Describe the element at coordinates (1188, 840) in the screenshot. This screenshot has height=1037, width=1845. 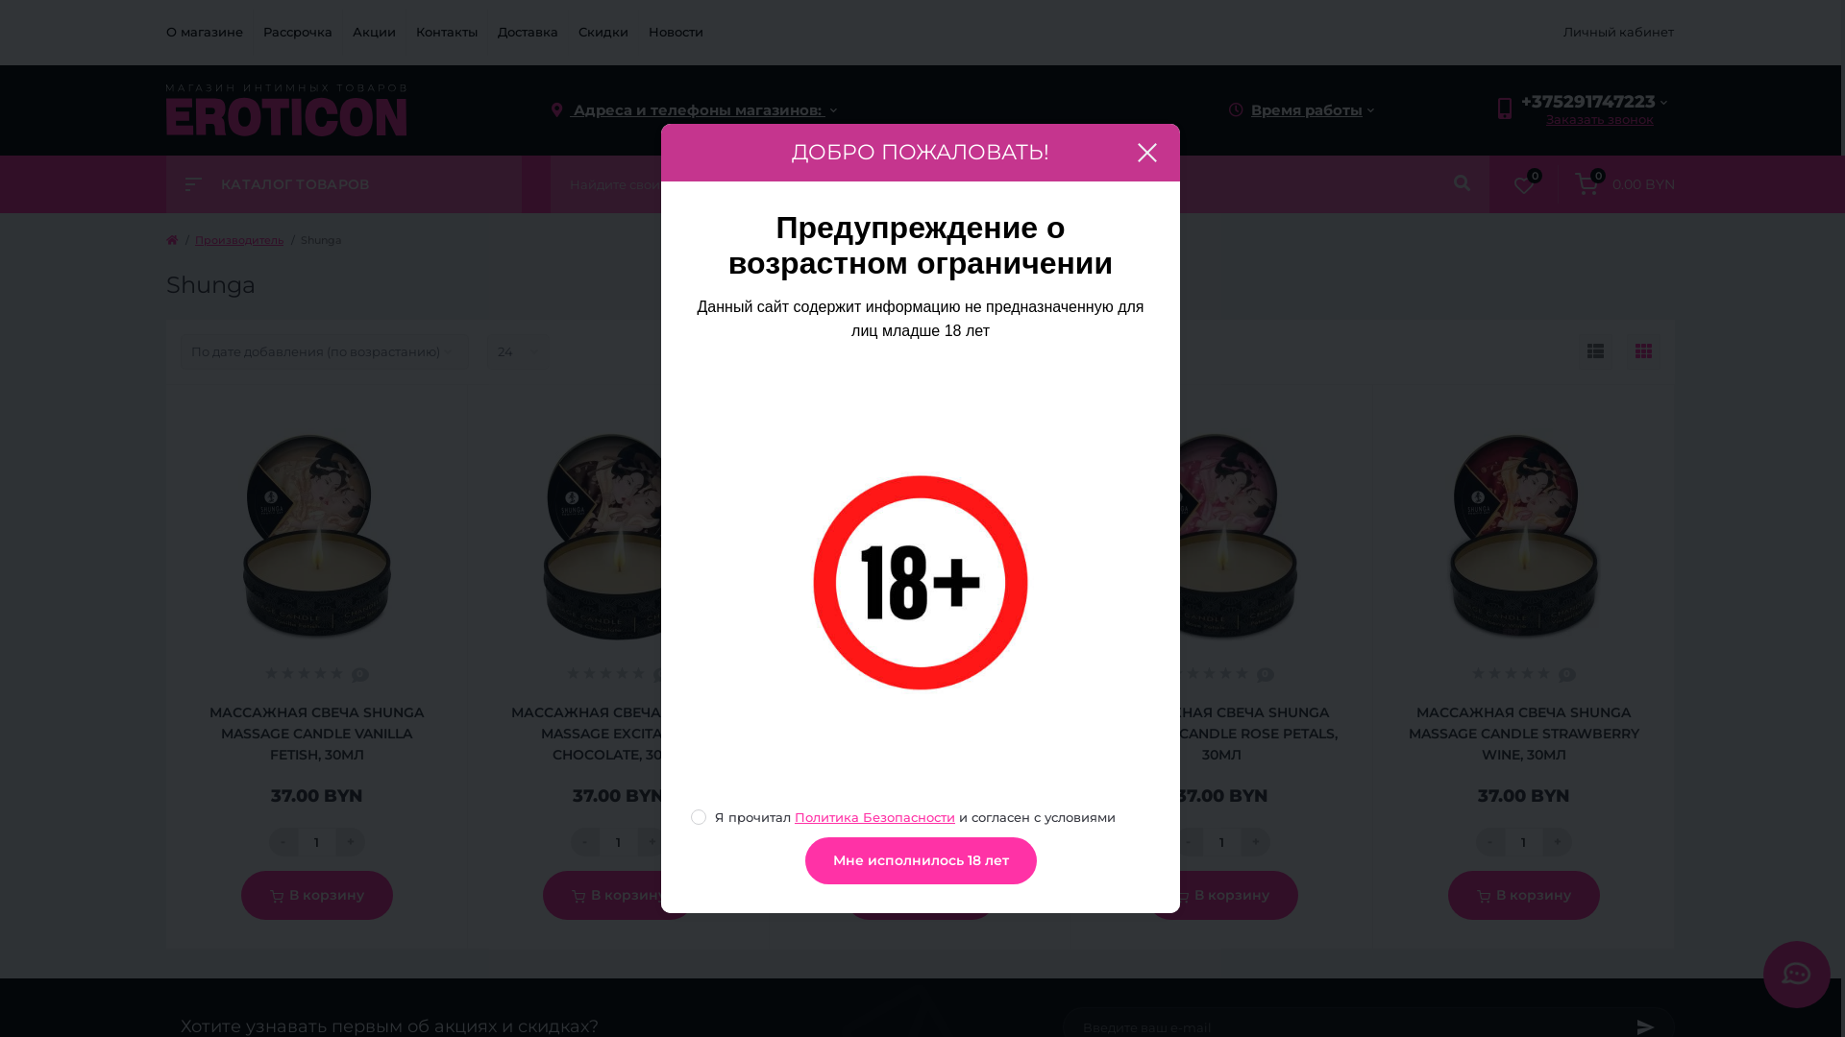
I see `'-'` at that location.